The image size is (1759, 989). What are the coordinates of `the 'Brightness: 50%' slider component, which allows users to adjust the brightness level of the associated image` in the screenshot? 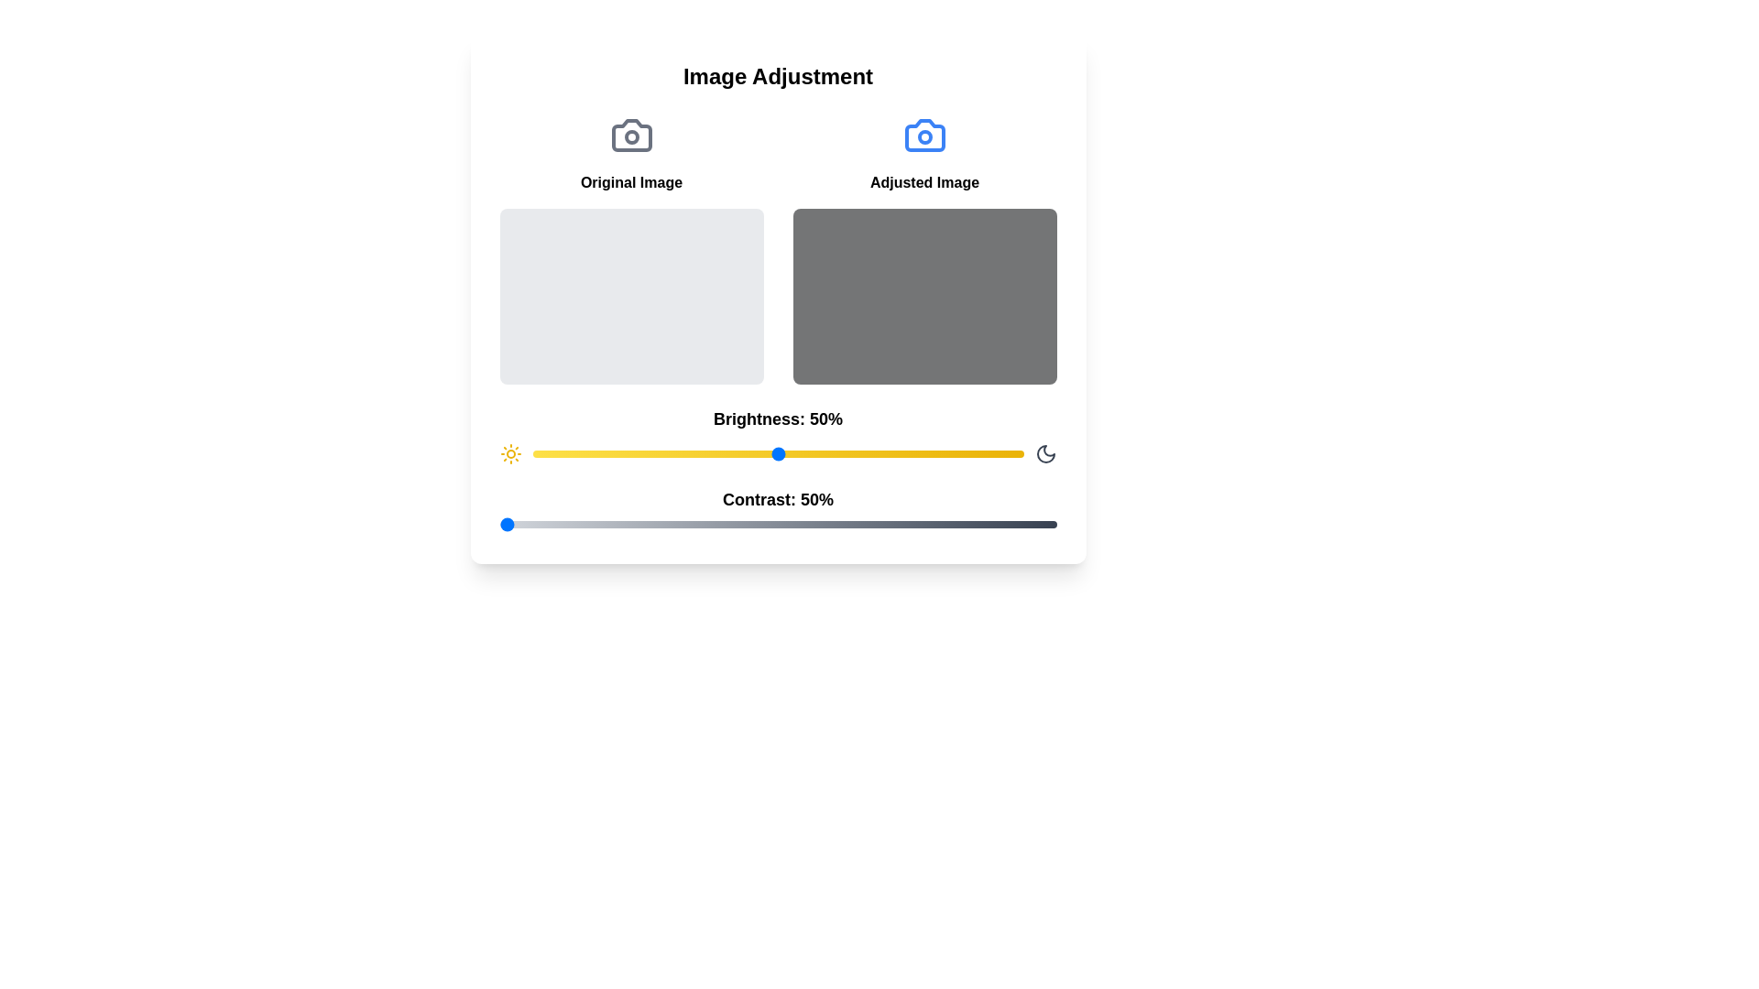 It's located at (778, 435).